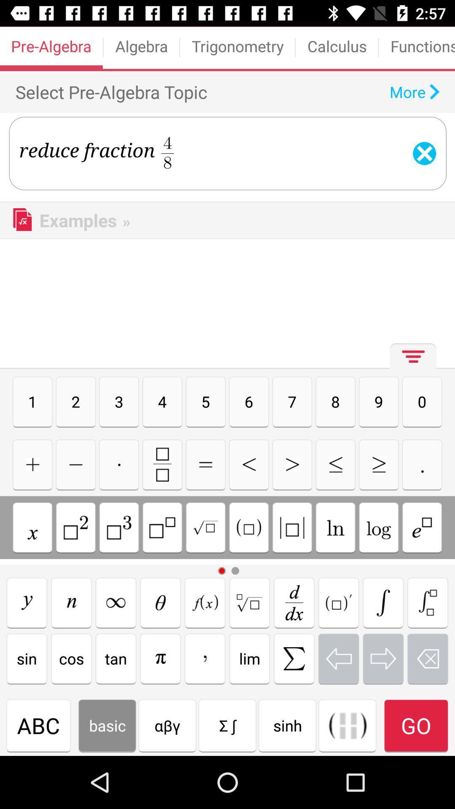  What do you see at coordinates (378, 464) in the screenshot?
I see `reduce fraction button` at bounding box center [378, 464].